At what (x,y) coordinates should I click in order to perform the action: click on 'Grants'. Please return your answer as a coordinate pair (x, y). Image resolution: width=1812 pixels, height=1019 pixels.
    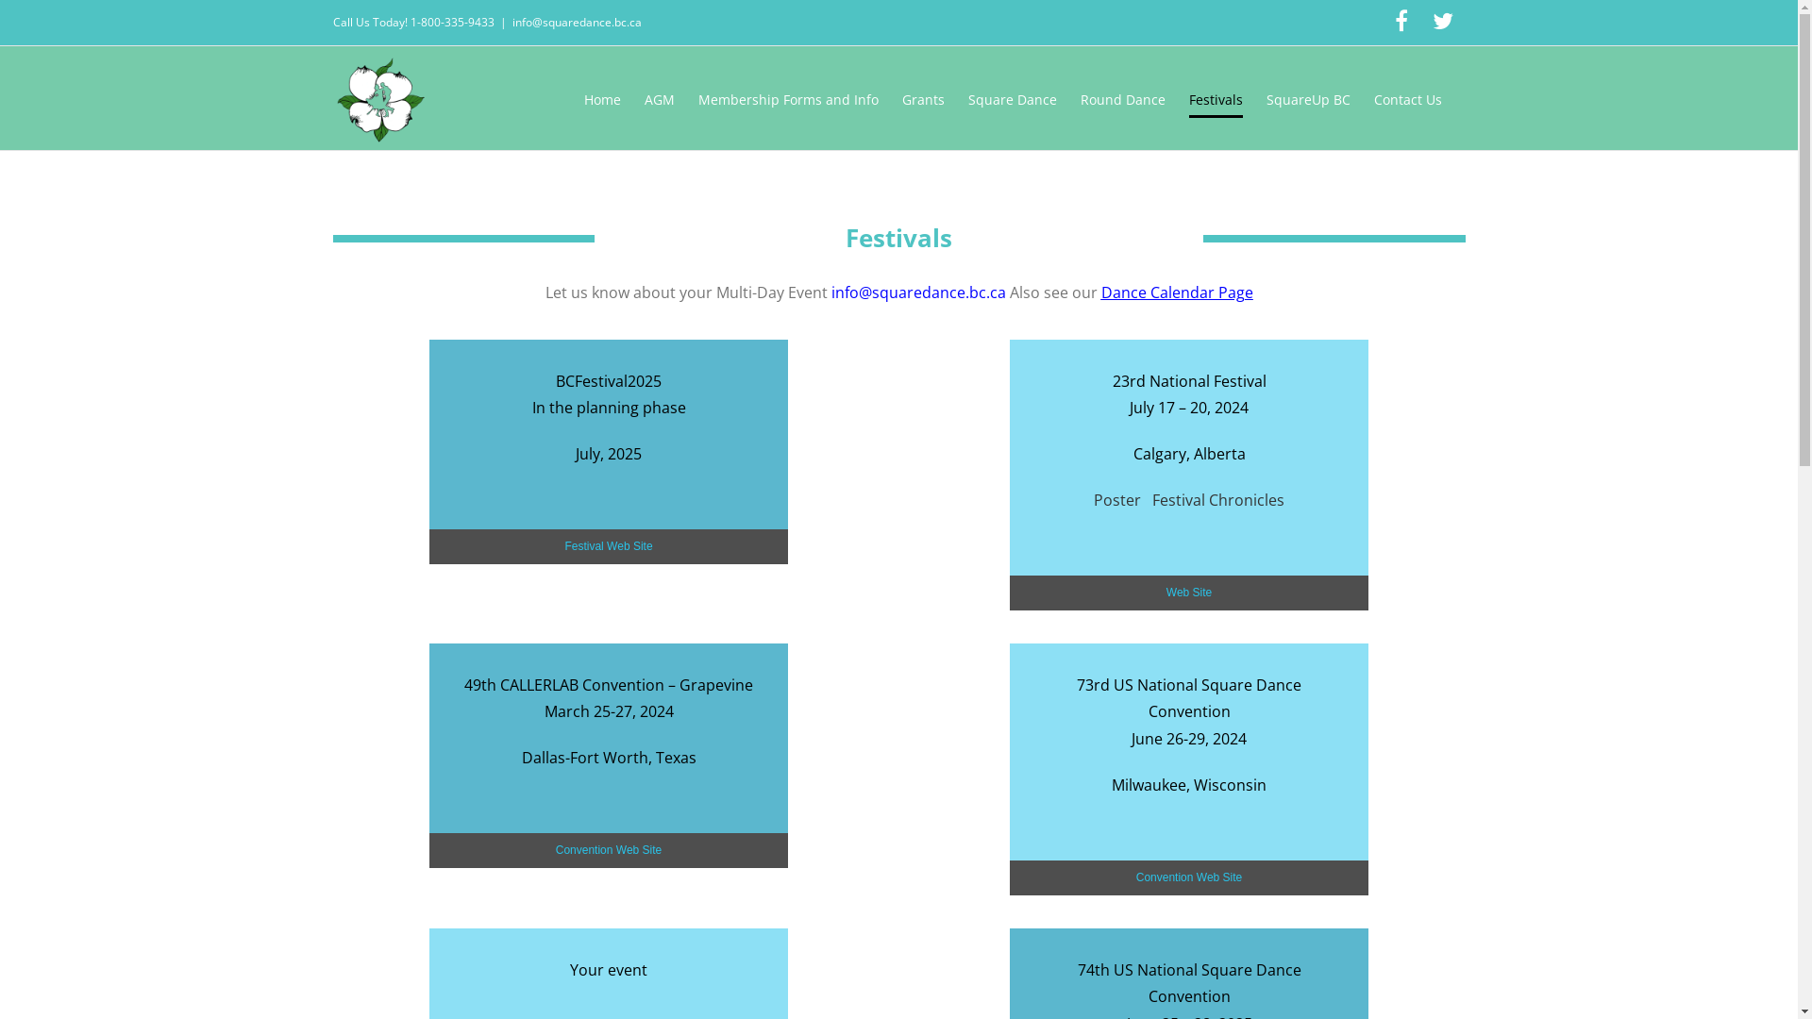
    Looking at the image, I should click on (923, 99).